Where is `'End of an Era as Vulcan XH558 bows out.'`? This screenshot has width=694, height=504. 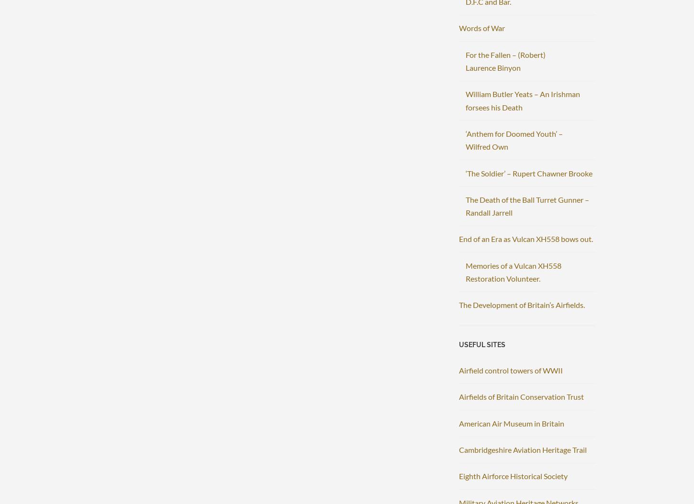 'End of an Era as Vulcan XH558 bows out.' is located at coordinates (525, 238).